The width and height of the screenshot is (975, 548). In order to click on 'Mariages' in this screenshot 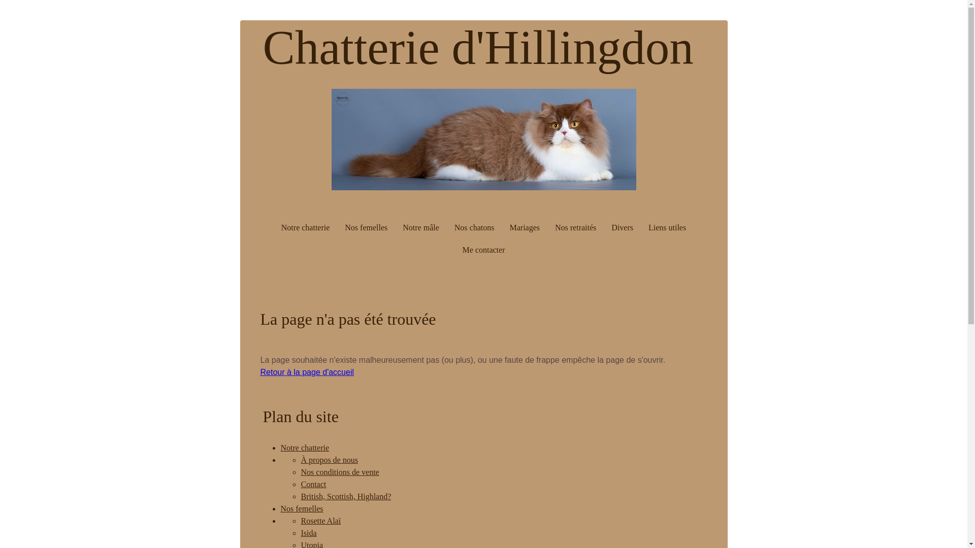, I will do `click(504, 227)`.